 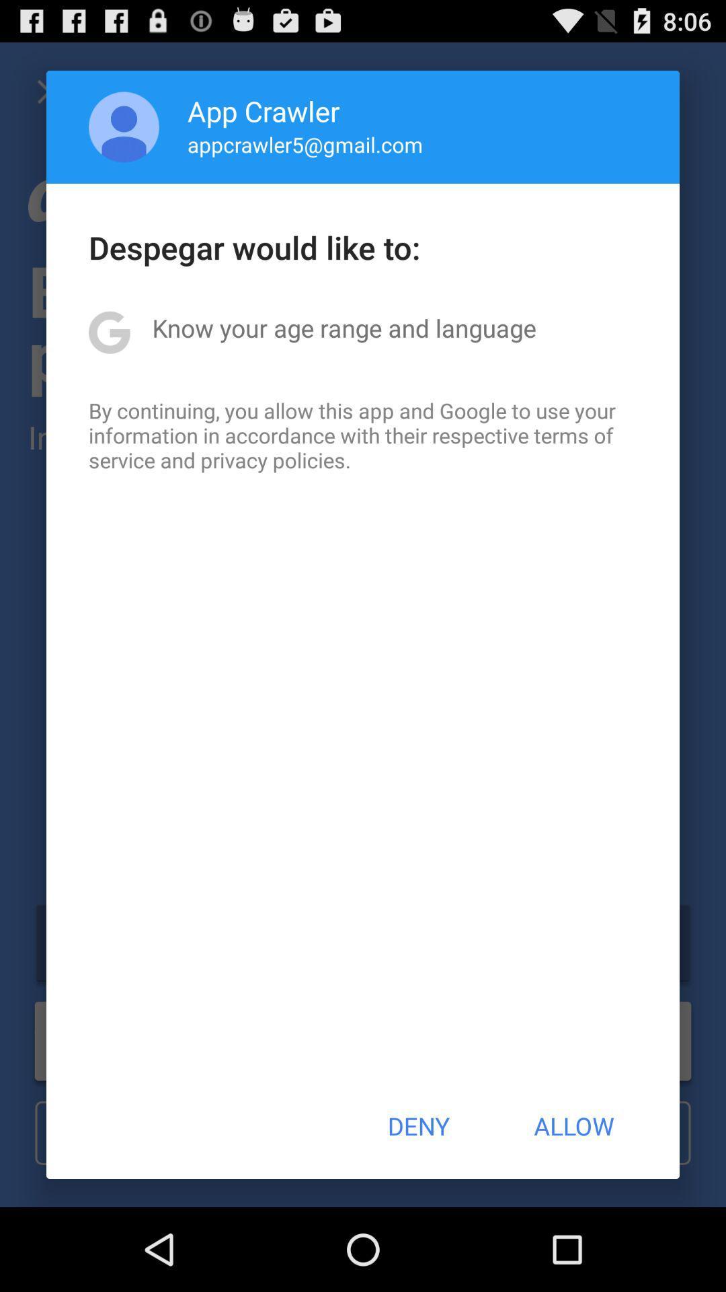 I want to click on app crawler icon, so click(x=264, y=110).